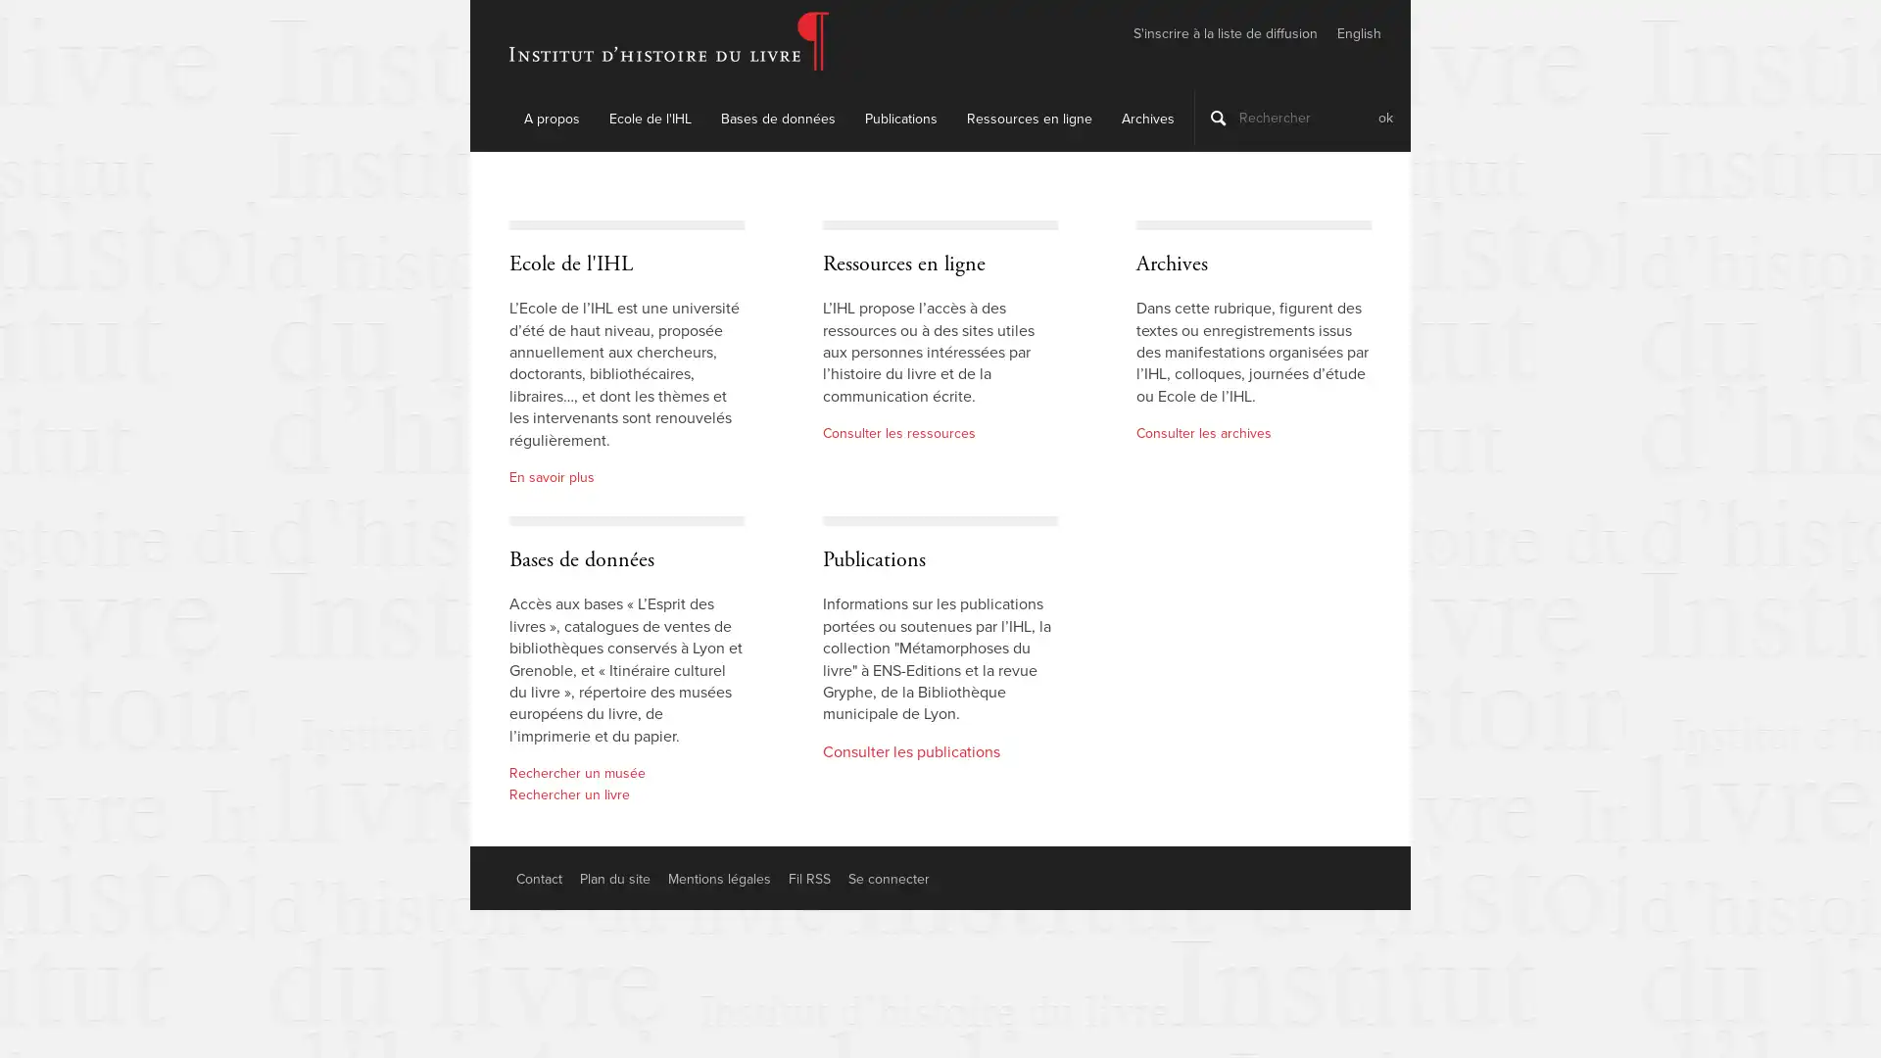  What do you see at coordinates (1384, 117) in the screenshot?
I see `ok` at bounding box center [1384, 117].